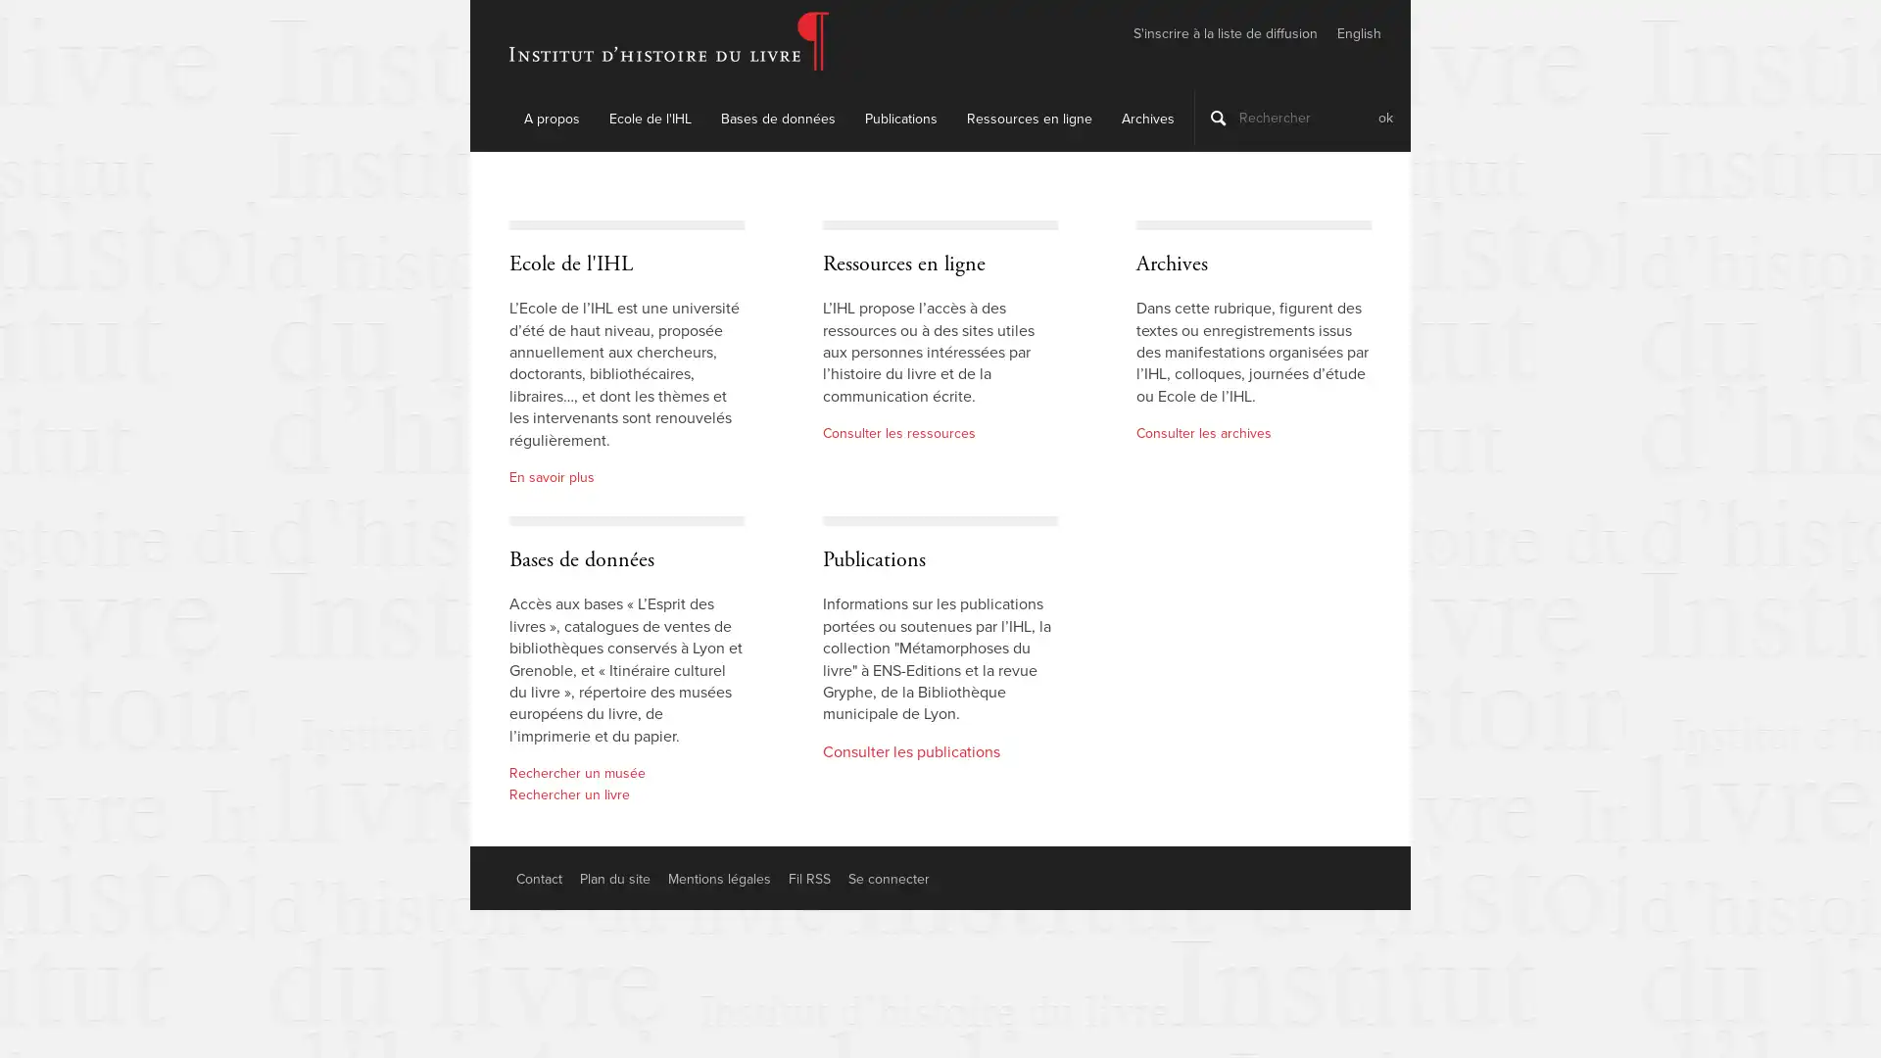  What do you see at coordinates (1384, 117) in the screenshot?
I see `ok` at bounding box center [1384, 117].